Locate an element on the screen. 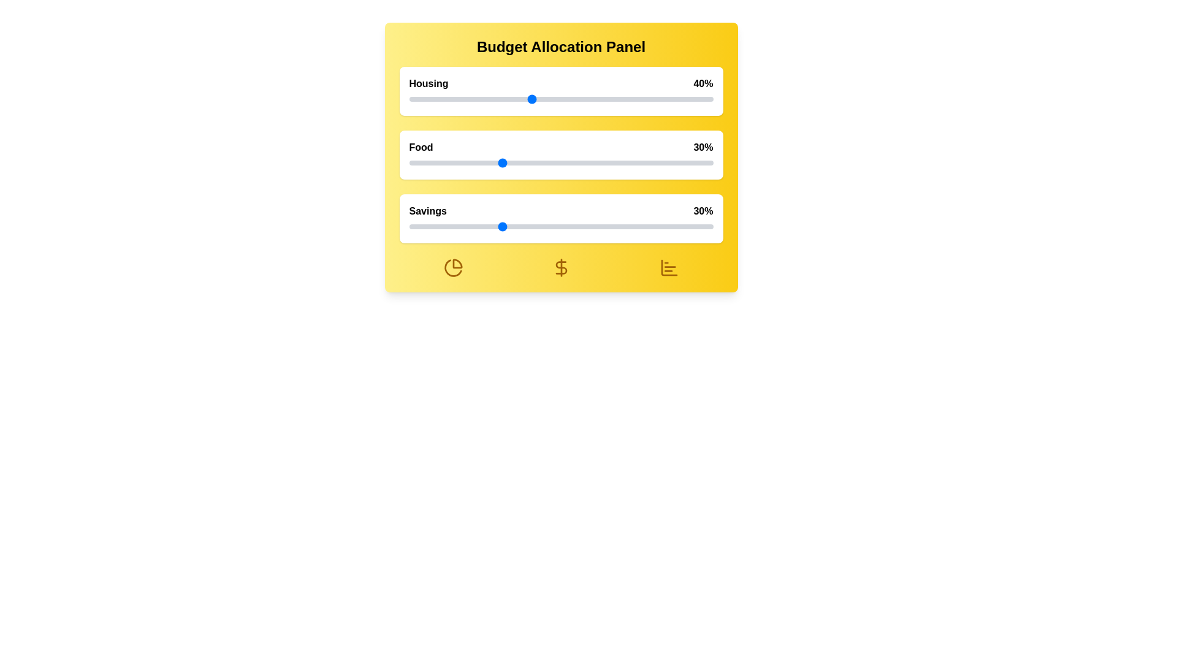 Image resolution: width=1177 pixels, height=662 pixels. the yellow gradient budget allocation panel that contains sections for 'Housing', 'Food', and 'Savings' to interact with it is located at coordinates (560, 157).